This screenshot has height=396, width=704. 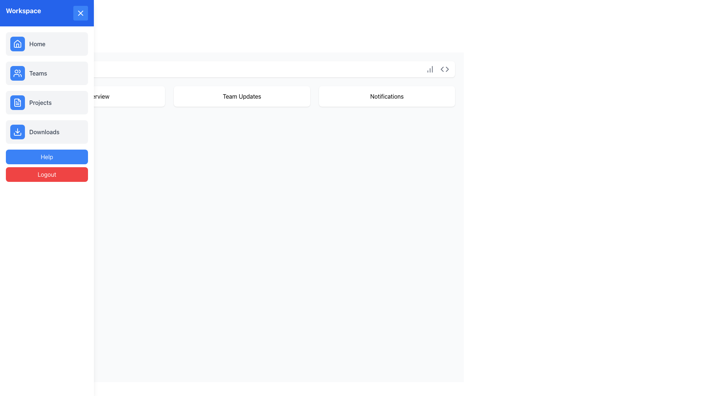 I want to click on text content of the 'Teams' label, which is a medium-sized gray text in the left-hand sidebar below the 'Home' option, so click(x=38, y=73).